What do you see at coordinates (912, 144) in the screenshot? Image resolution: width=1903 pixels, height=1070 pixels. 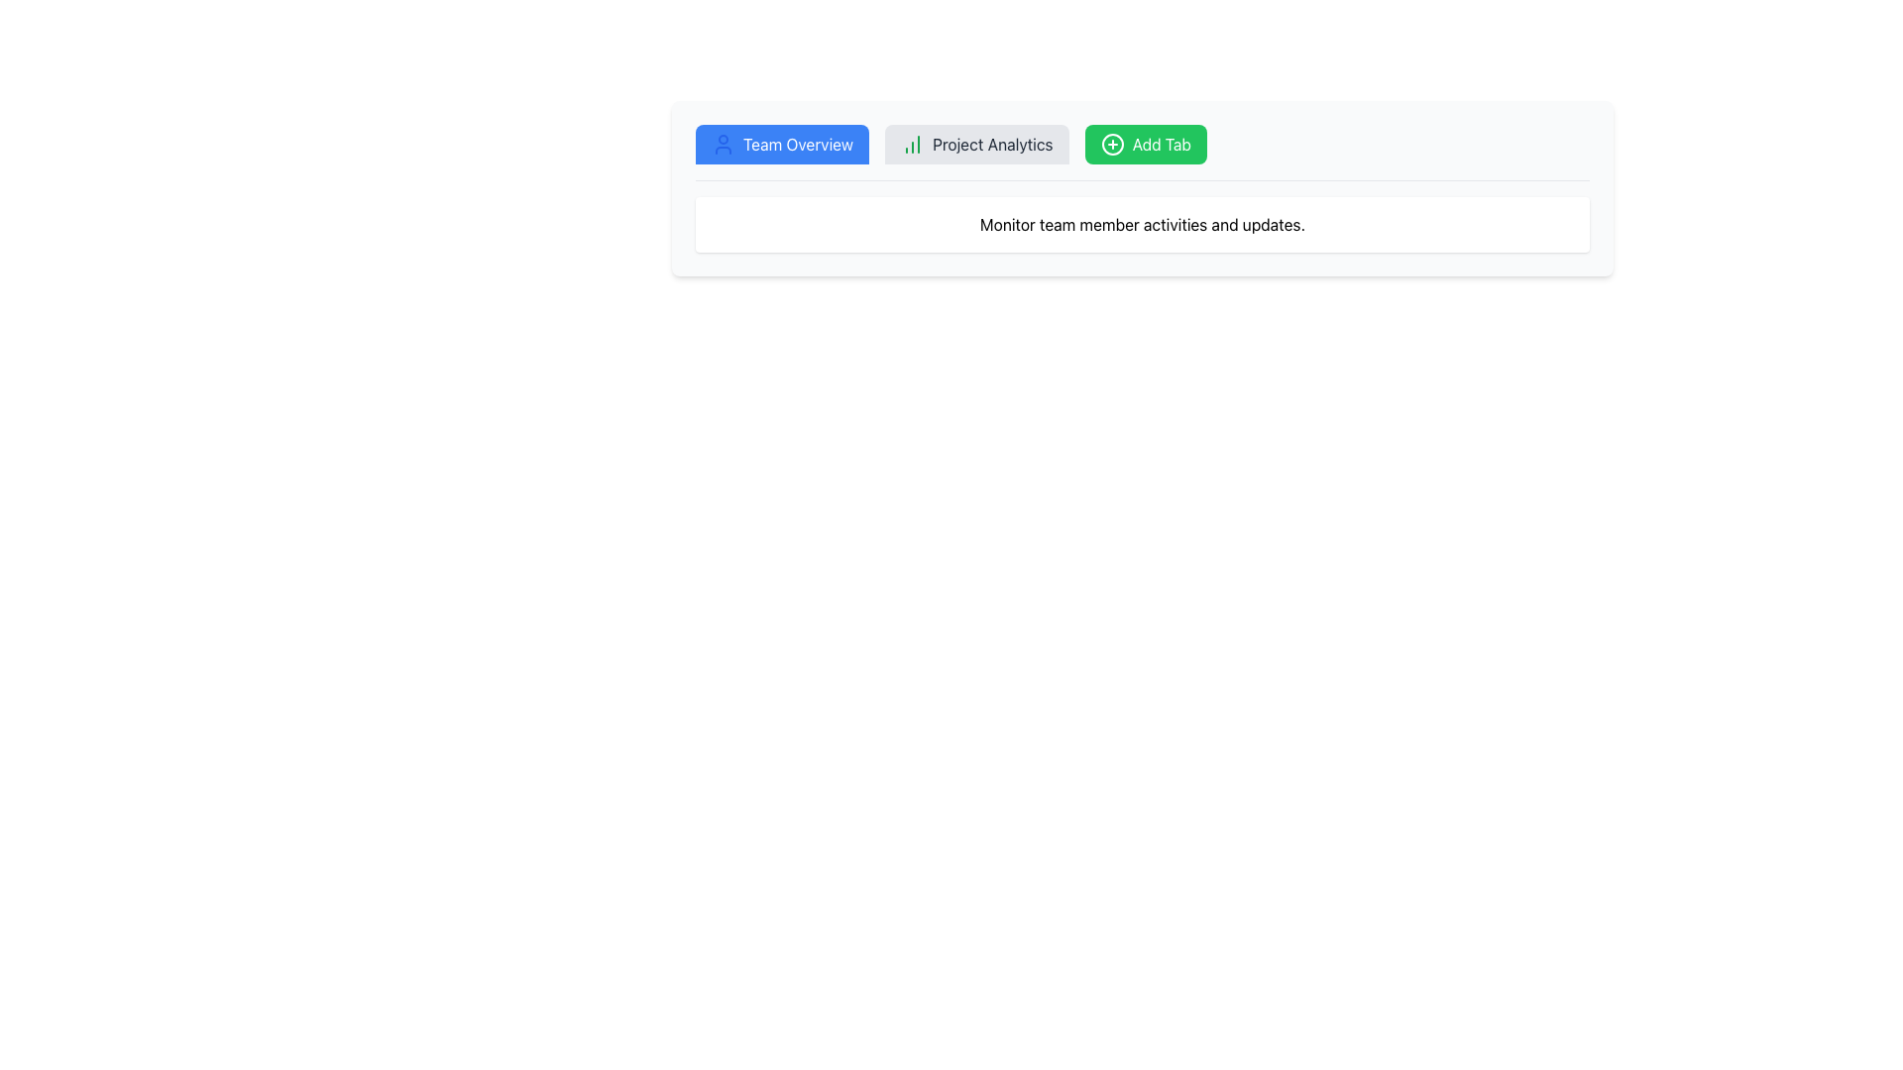 I see `the small green` at bounding box center [912, 144].